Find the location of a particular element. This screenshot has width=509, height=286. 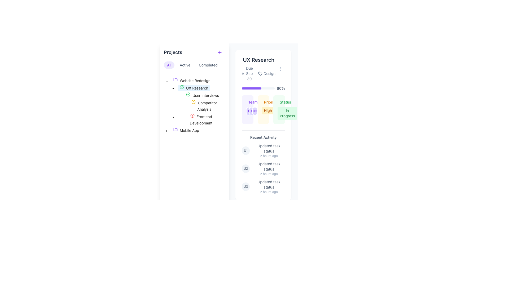

the text label indicating the team-related category or data, located in the center-right panel beneath the progress bar and next to status tags like 'Priority' and 'Status' is located at coordinates (253, 102).